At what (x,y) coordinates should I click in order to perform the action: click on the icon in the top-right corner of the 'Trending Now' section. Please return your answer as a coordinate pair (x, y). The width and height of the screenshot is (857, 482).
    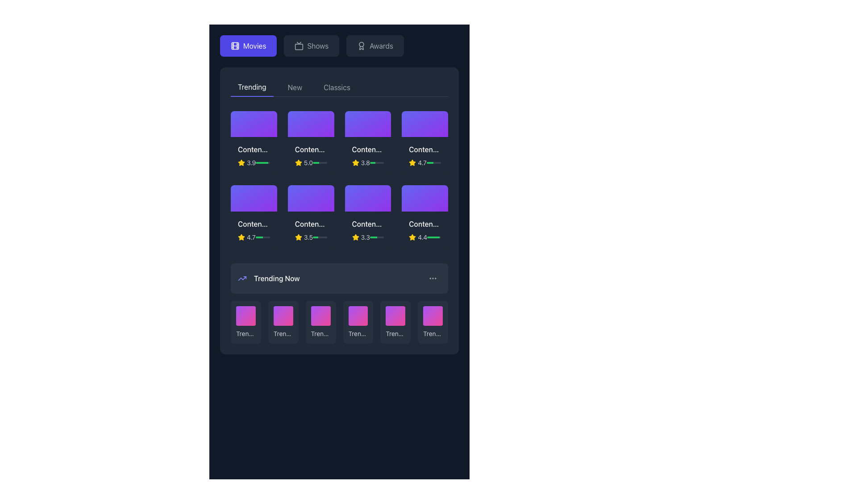
    Looking at the image, I should click on (433, 278).